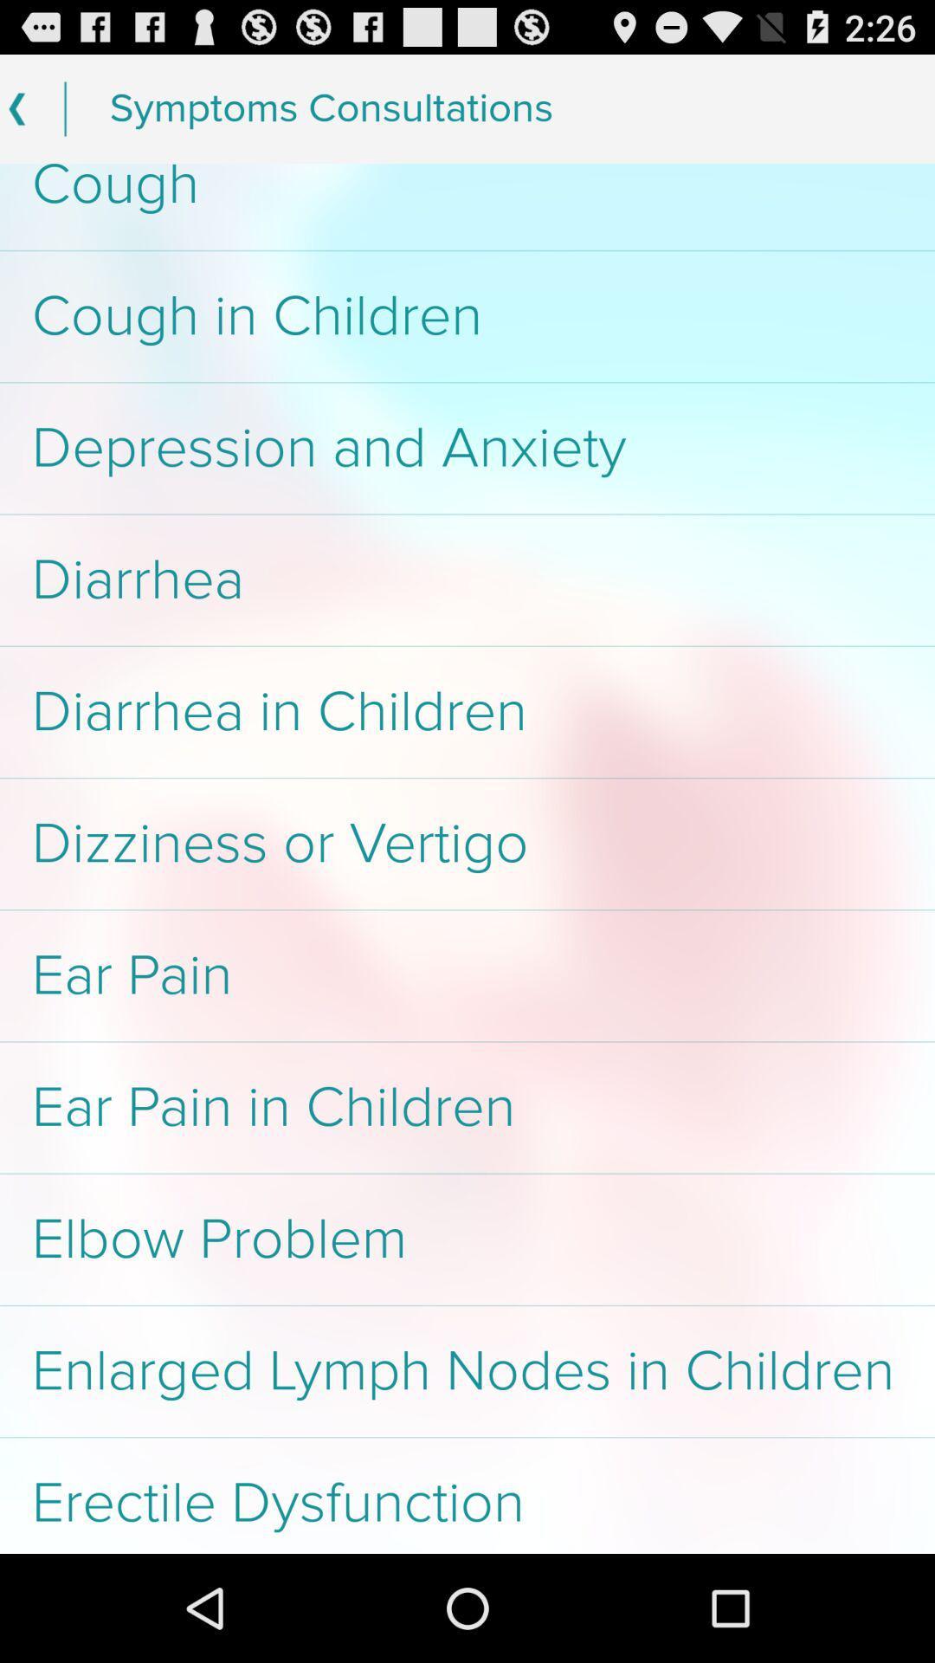  I want to click on depression and anxiety, so click(467, 448).